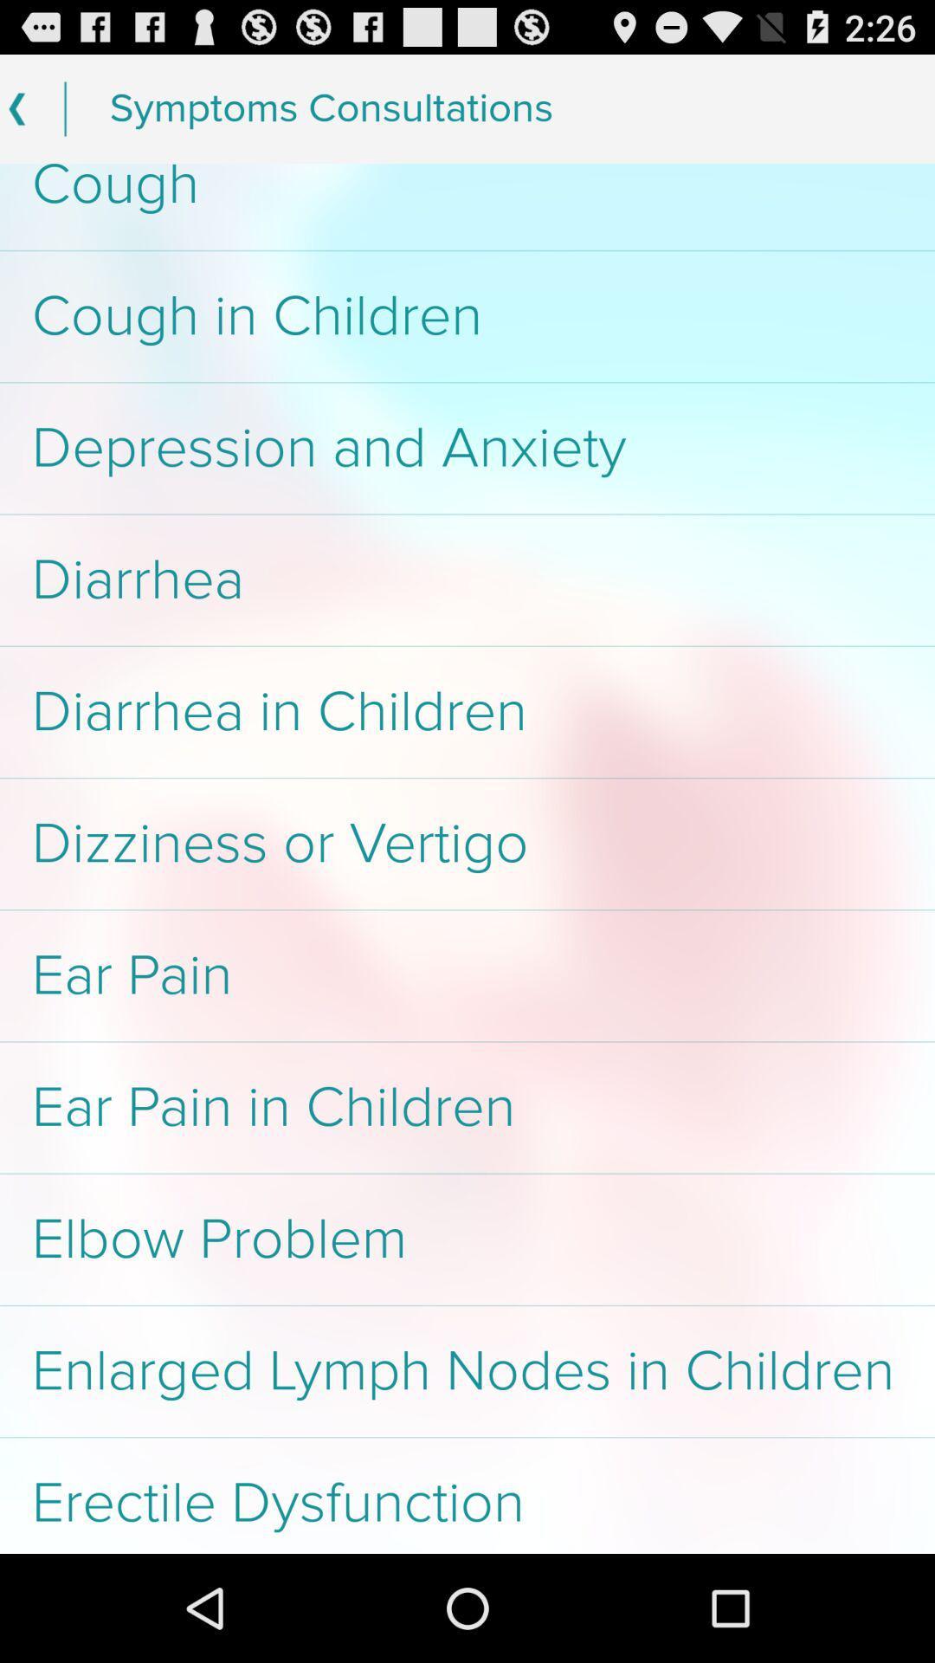  I want to click on depression and anxiety, so click(467, 448).